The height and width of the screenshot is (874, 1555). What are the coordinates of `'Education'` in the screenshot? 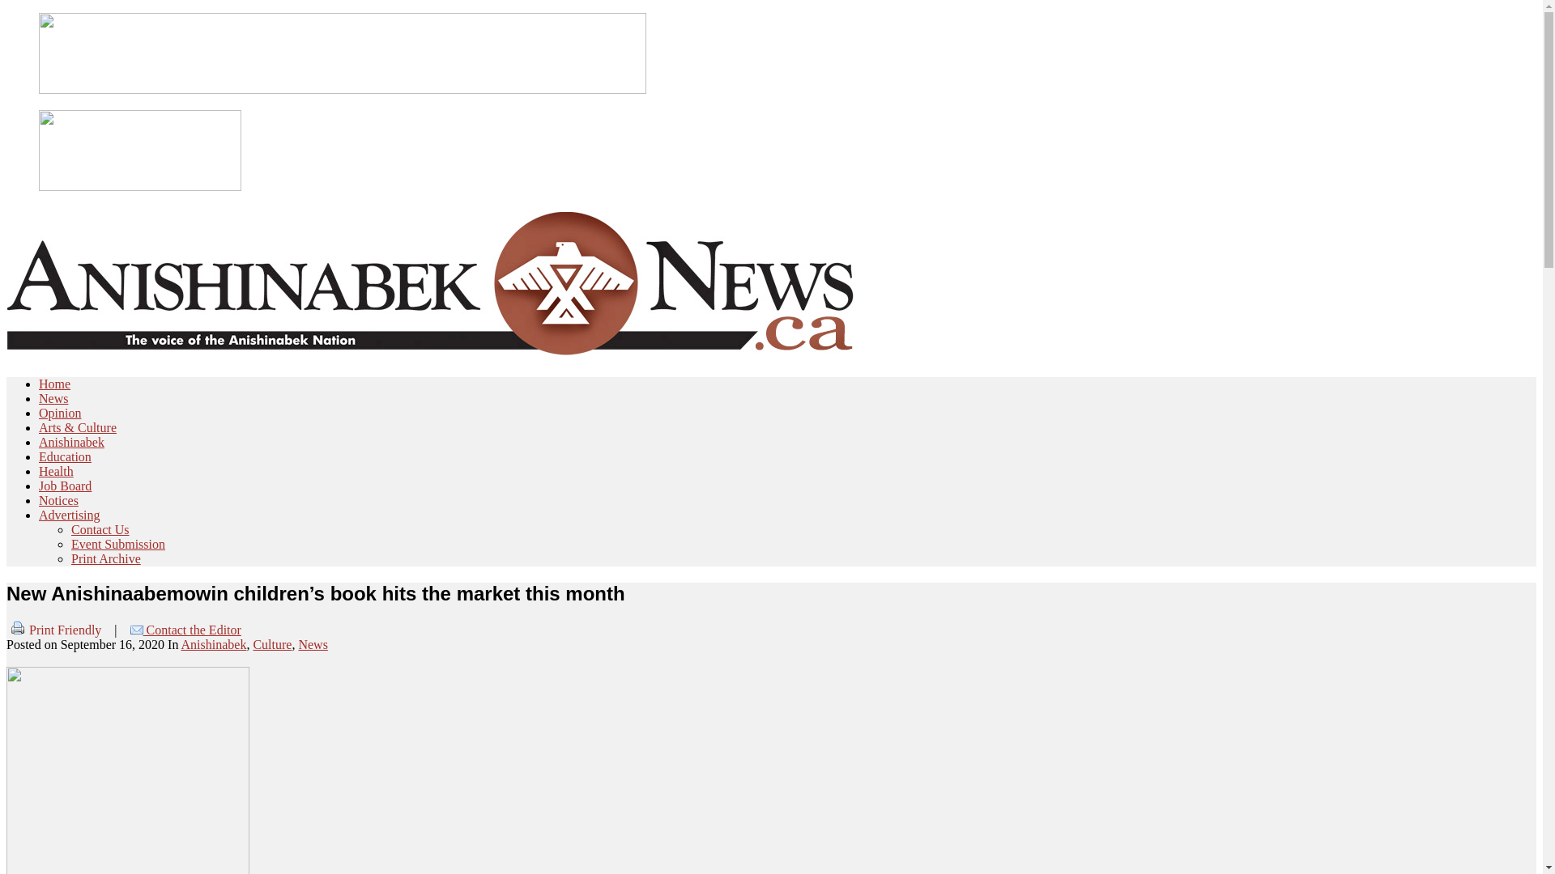 It's located at (65, 456).